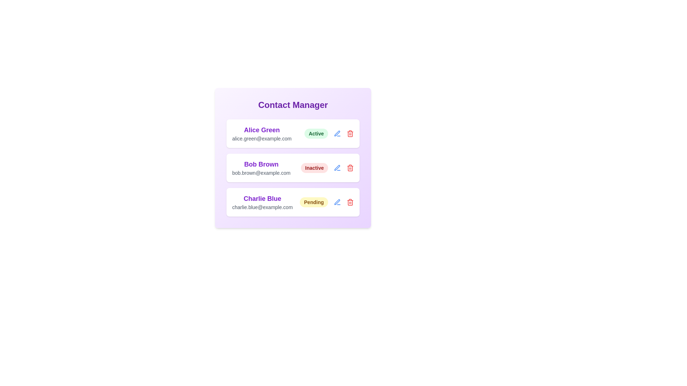  I want to click on edit icon for Charlie Blue to edit their information, so click(337, 202).